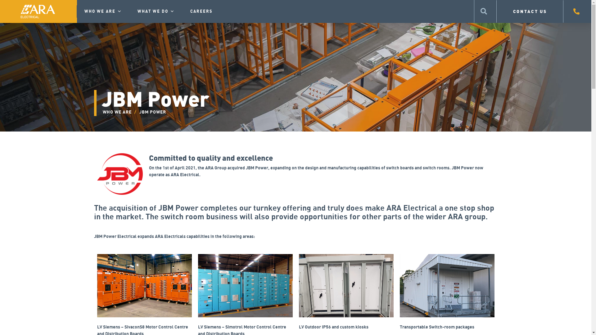  Describe the element at coordinates (76, 11) in the screenshot. I see `'WHO WE ARE'` at that location.